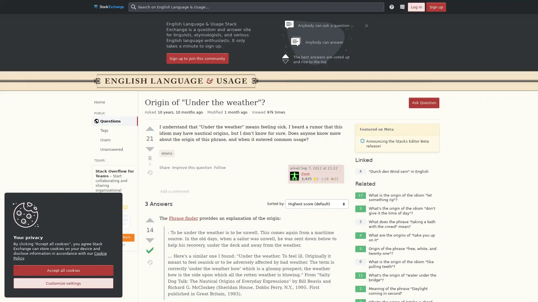 This screenshot has height=302, width=538. Describe the element at coordinates (150, 220) in the screenshot. I see `Up vote` at that location.